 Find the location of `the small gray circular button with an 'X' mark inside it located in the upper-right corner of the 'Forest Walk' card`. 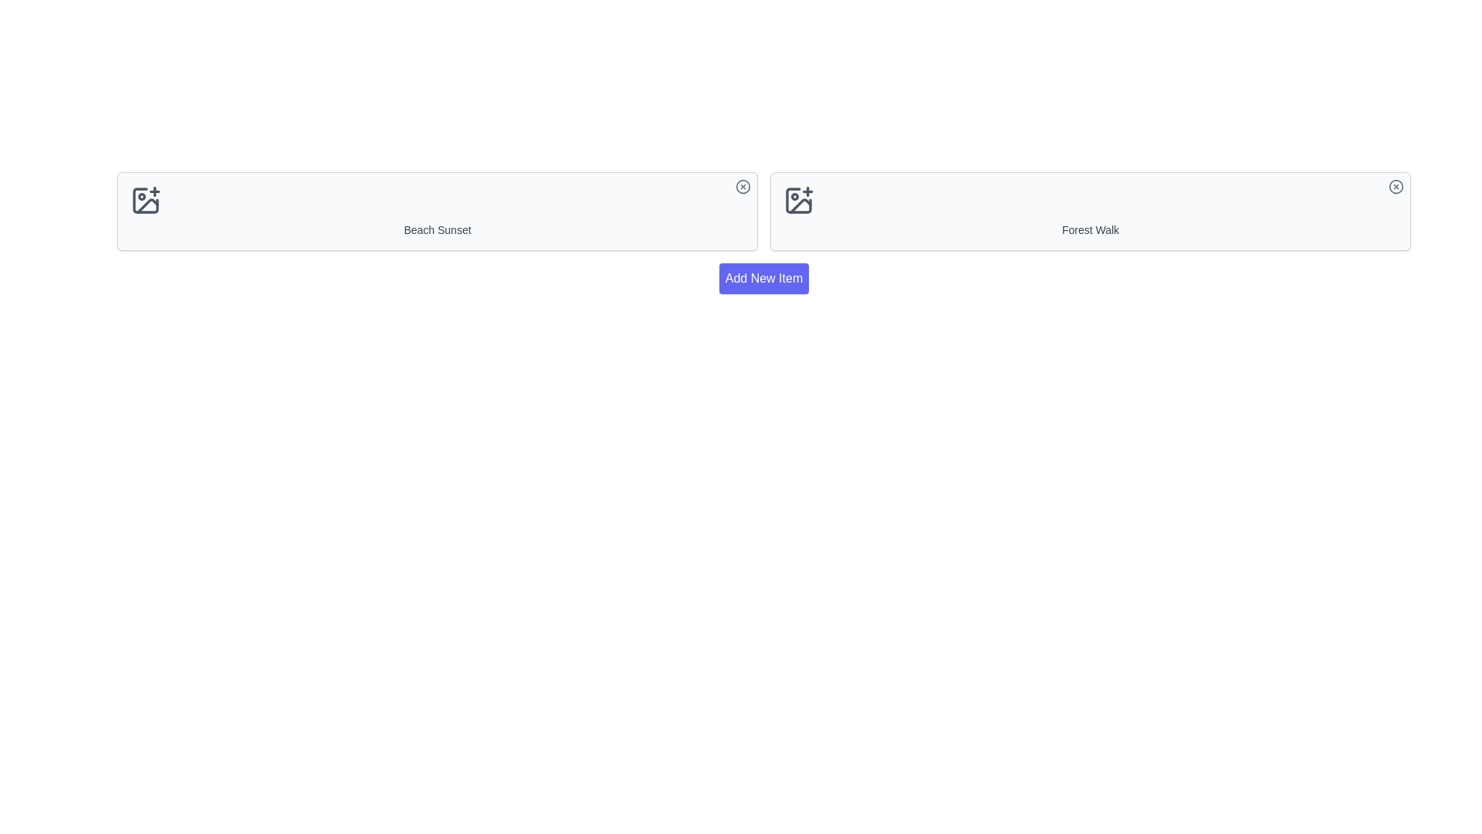

the small gray circular button with an 'X' mark inside it located in the upper-right corner of the 'Forest Walk' card is located at coordinates (1396, 186).